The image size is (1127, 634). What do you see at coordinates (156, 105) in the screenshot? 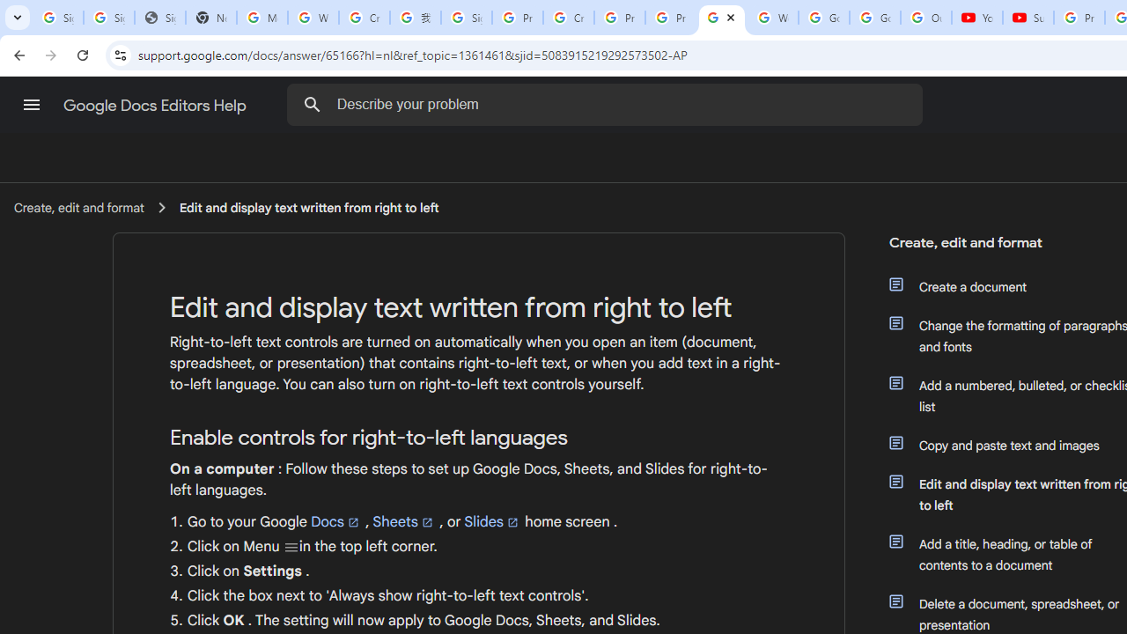
I see `'Google Docs Editors Help'` at bounding box center [156, 105].